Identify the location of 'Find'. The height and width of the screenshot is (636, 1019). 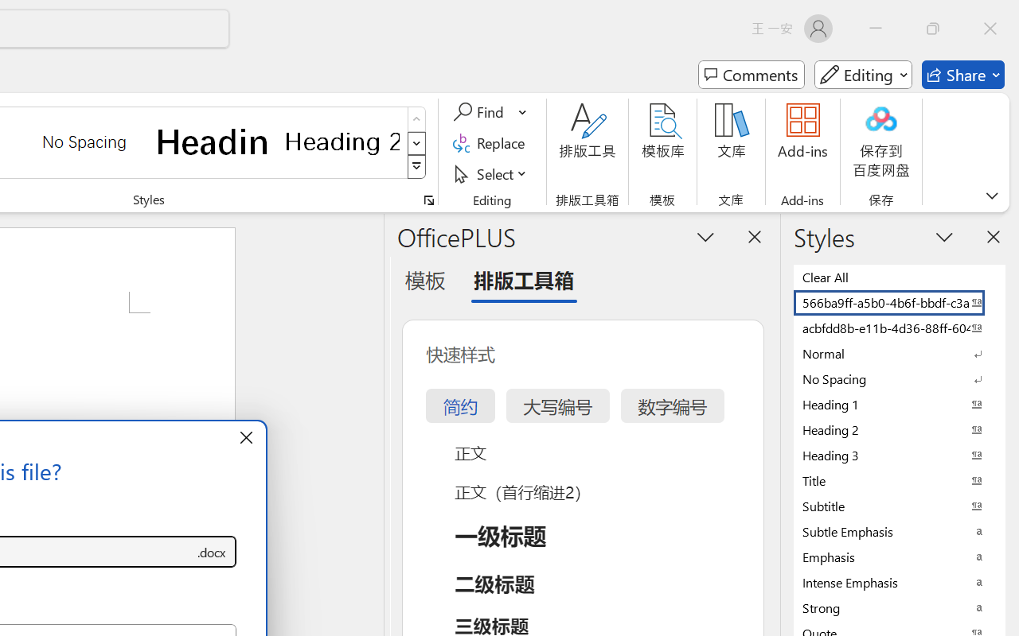
(480, 112).